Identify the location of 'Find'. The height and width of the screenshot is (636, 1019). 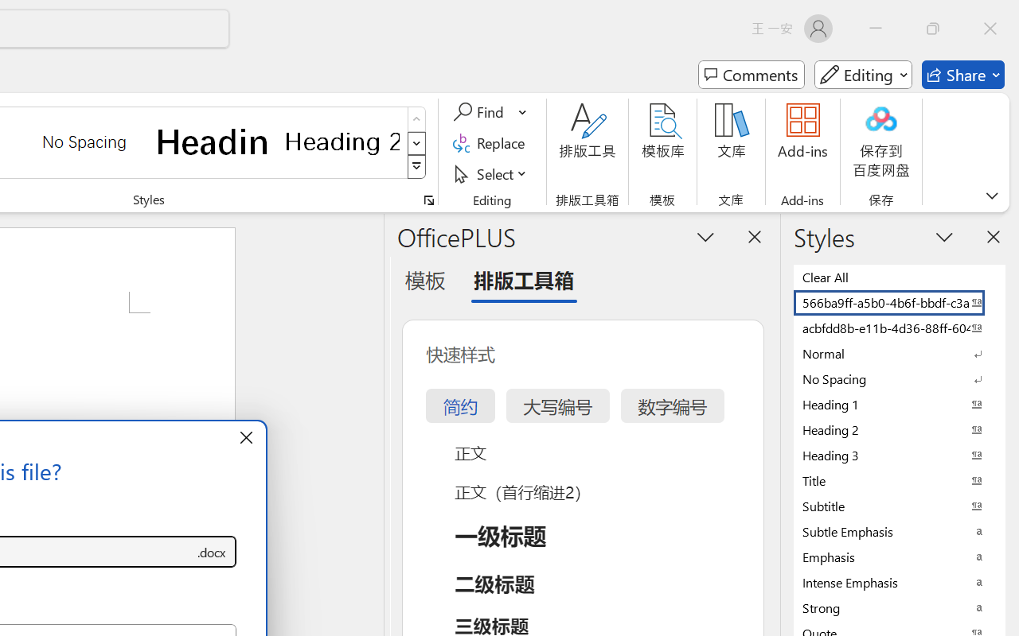
(480, 112).